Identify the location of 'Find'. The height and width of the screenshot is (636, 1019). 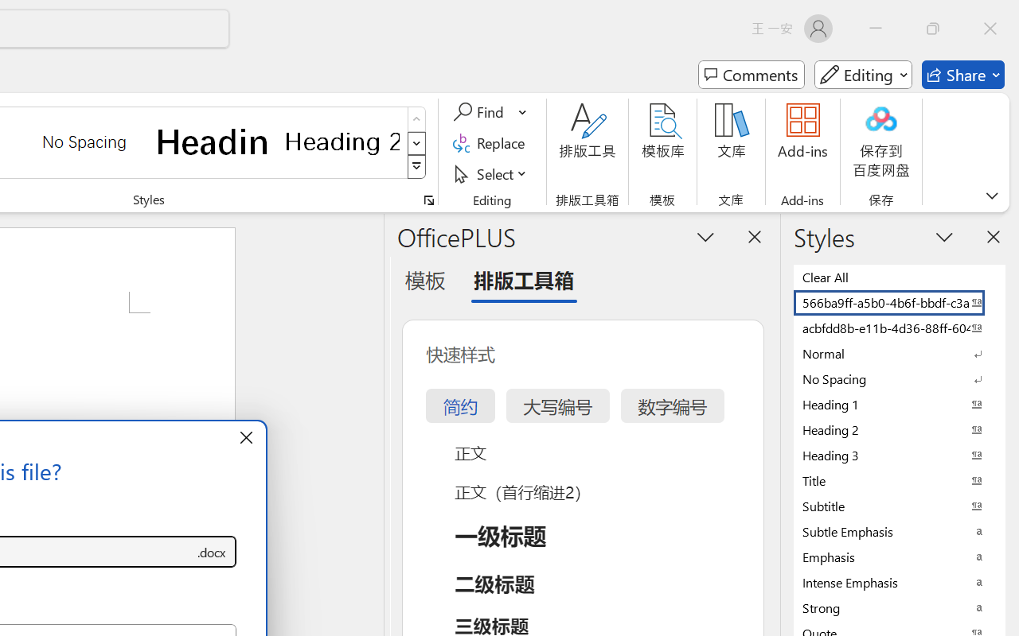
(480, 112).